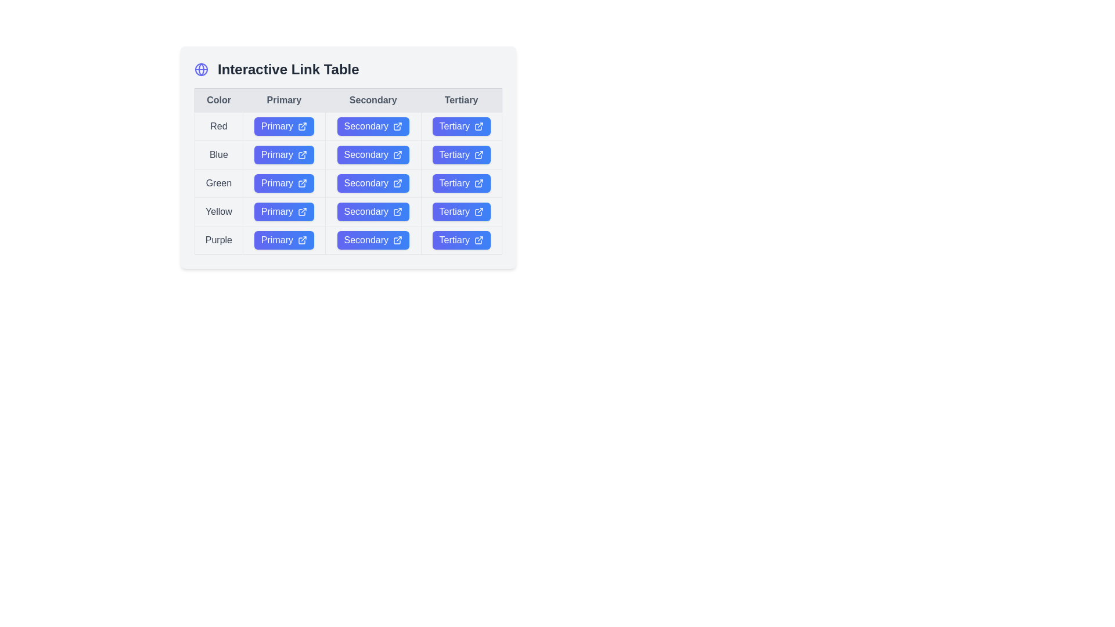  Describe the element at coordinates (454, 127) in the screenshot. I see `the 'Tertiary' text label which displays 'Tertiary' in white font on a gradient background, located in the 'Interactive Link Table' under the 'Tertiary' column for the 'Red' row` at that location.